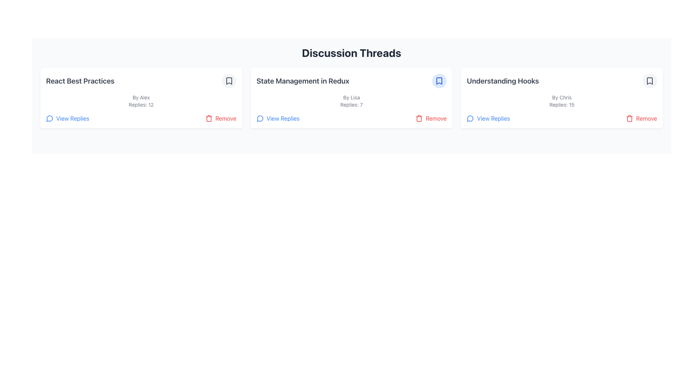 The width and height of the screenshot is (692, 389). I want to click on the trash bin icon located to the right of the 'State Management in Redux' discussion card to initiate a removal action, so click(419, 118).